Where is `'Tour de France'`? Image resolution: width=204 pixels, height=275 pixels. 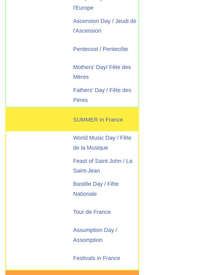 'Tour de France' is located at coordinates (92, 212).